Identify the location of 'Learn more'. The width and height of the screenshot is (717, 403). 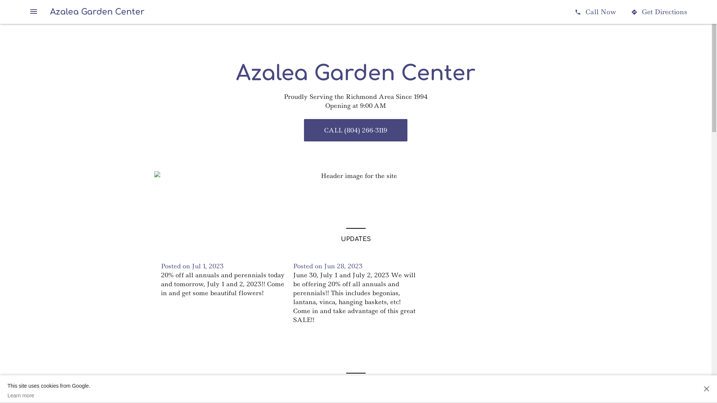
(48, 395).